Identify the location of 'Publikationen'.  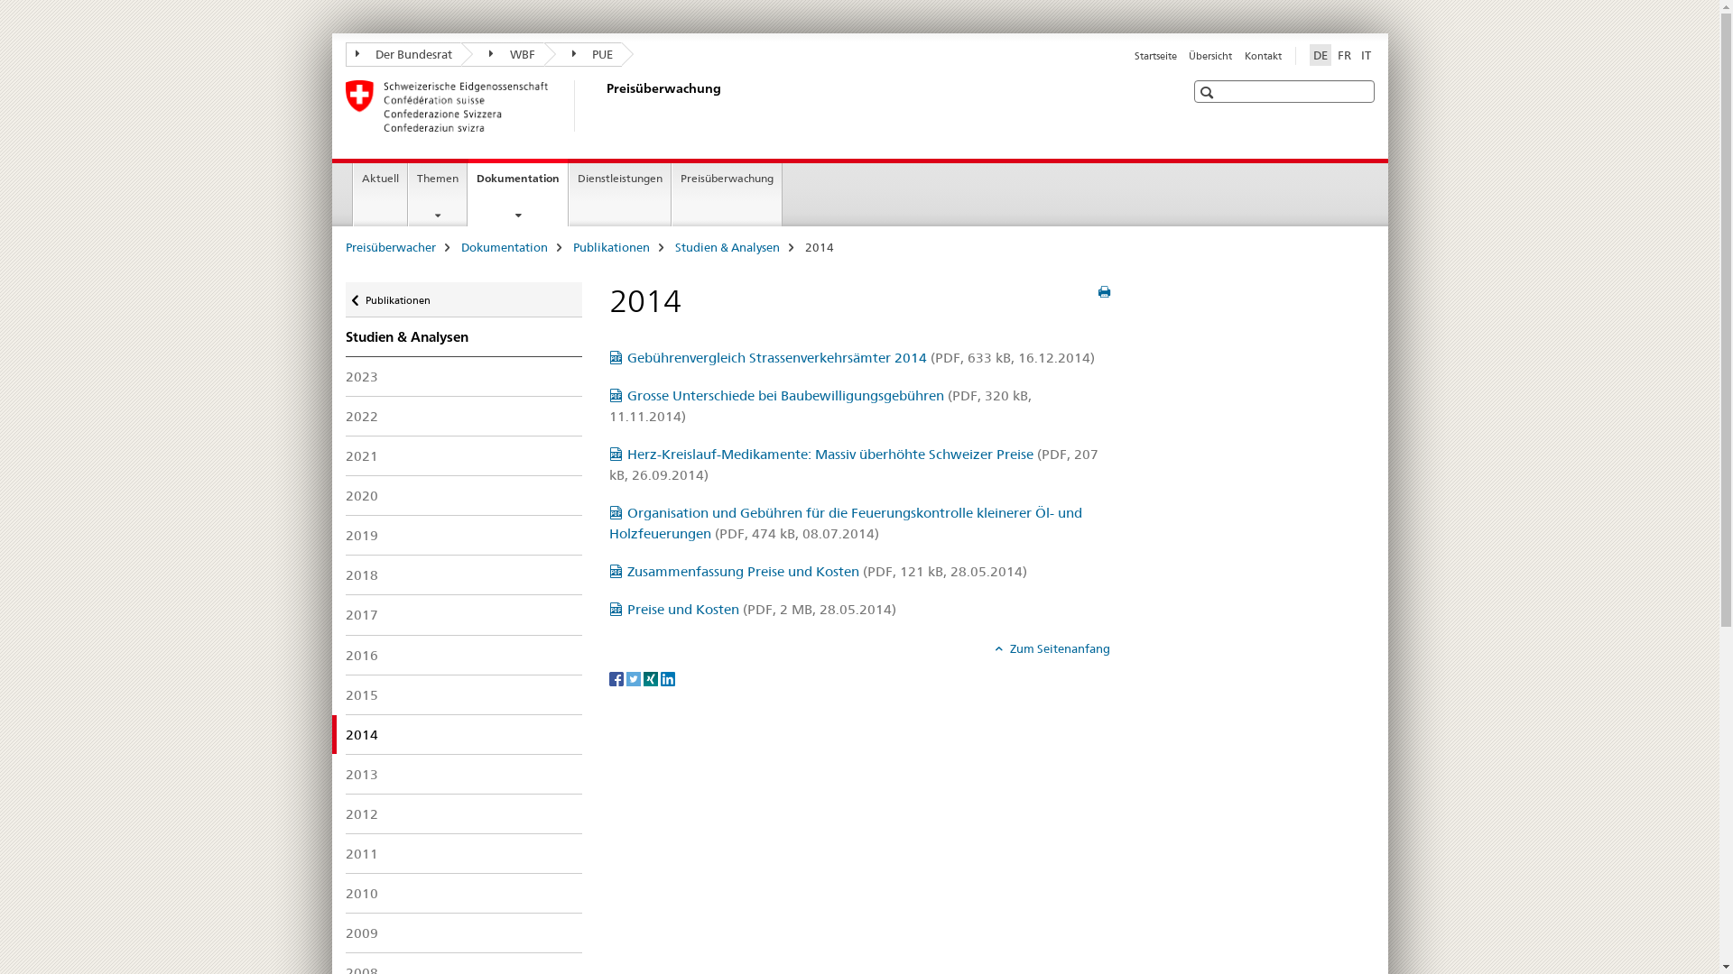
(610, 246).